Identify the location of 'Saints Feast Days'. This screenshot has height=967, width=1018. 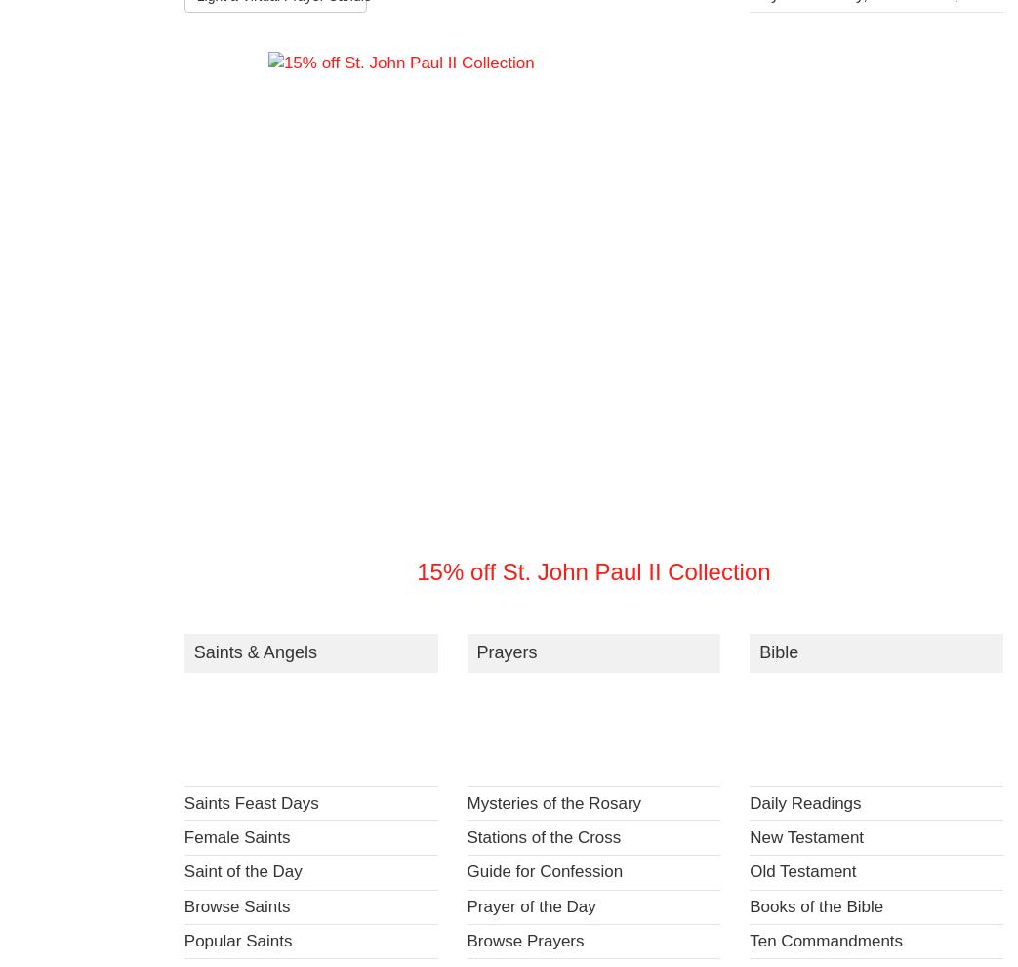
(250, 802).